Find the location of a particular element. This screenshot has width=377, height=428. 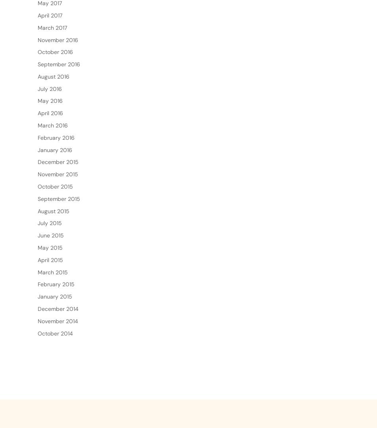

'February 2016' is located at coordinates (56, 163).